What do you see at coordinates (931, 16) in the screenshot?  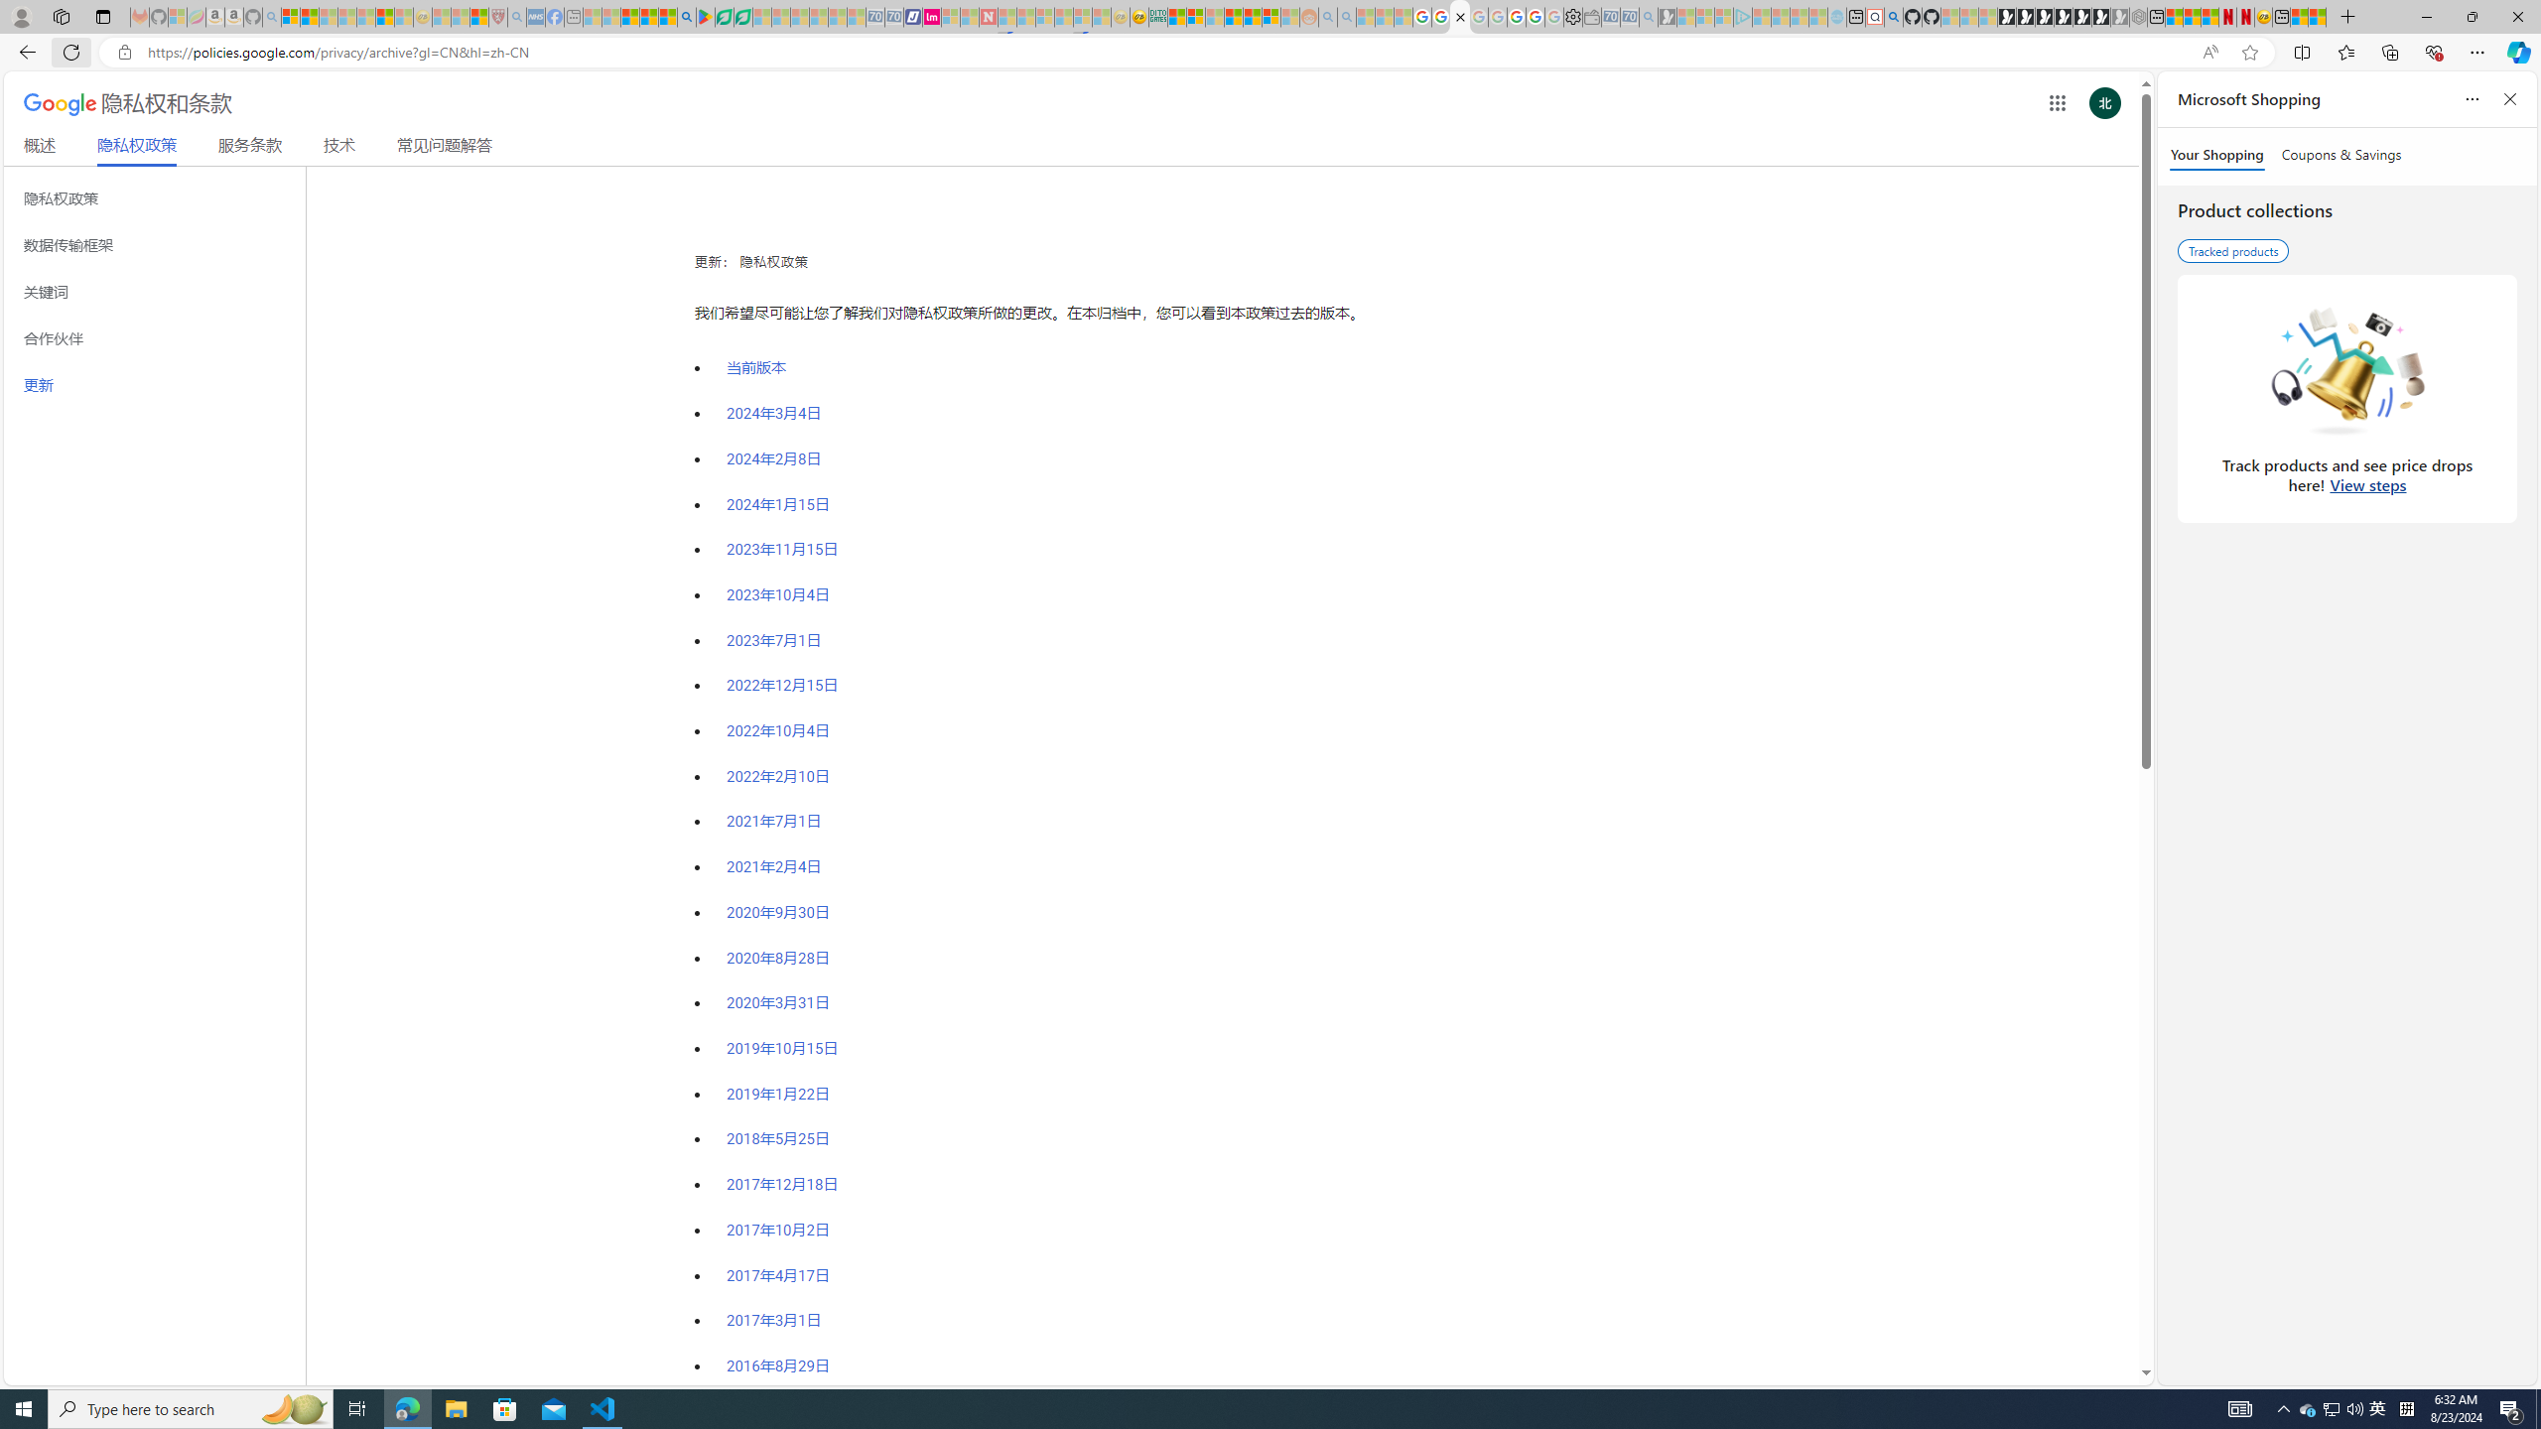 I see `'Jobs - lastminute.com Investor Portal'` at bounding box center [931, 16].